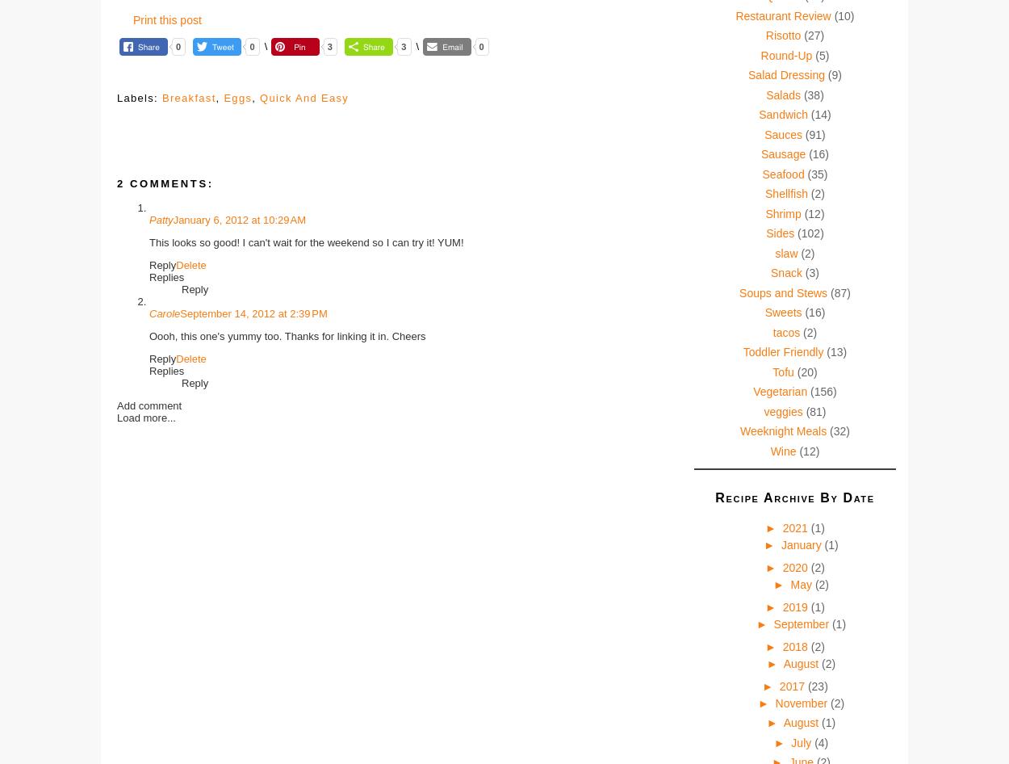  What do you see at coordinates (172, 219) in the screenshot?
I see `'January 6, 2012 at 10:29 AM'` at bounding box center [172, 219].